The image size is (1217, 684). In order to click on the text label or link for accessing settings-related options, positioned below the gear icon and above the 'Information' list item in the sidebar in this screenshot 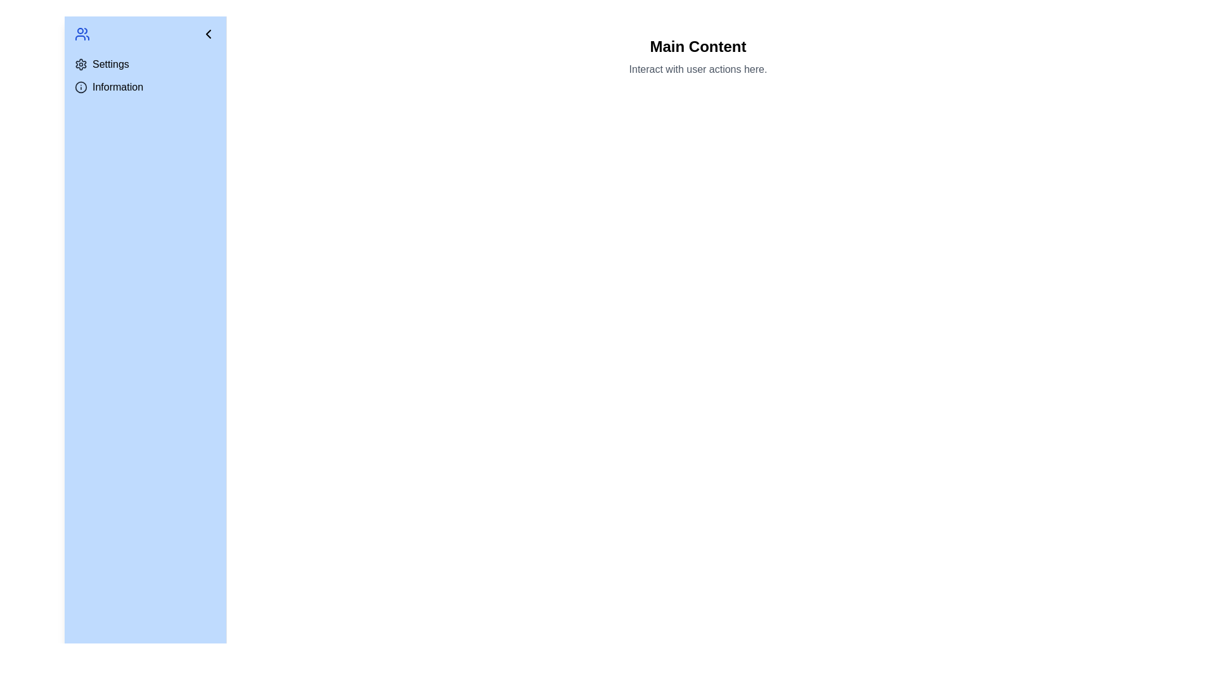, I will do `click(110, 64)`.